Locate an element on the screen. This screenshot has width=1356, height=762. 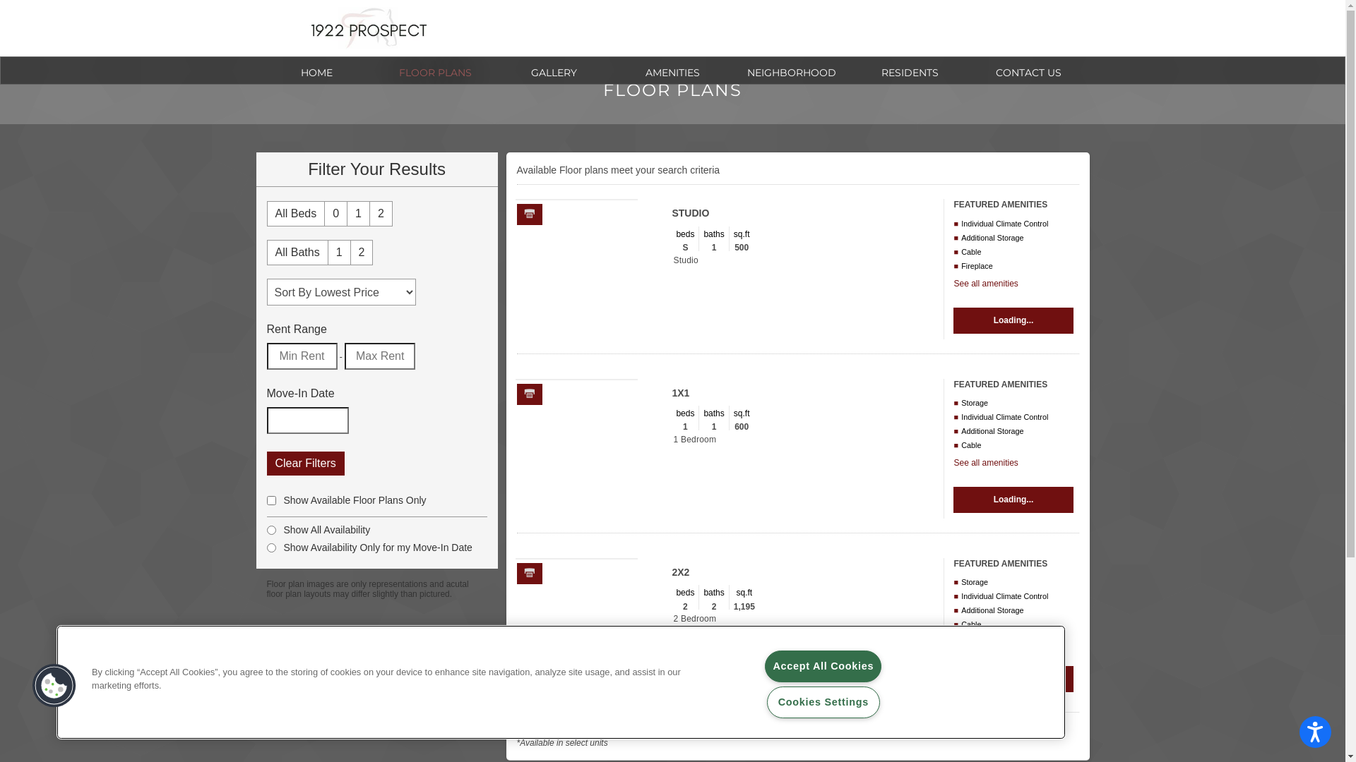
'Loading...' is located at coordinates (1012, 320).